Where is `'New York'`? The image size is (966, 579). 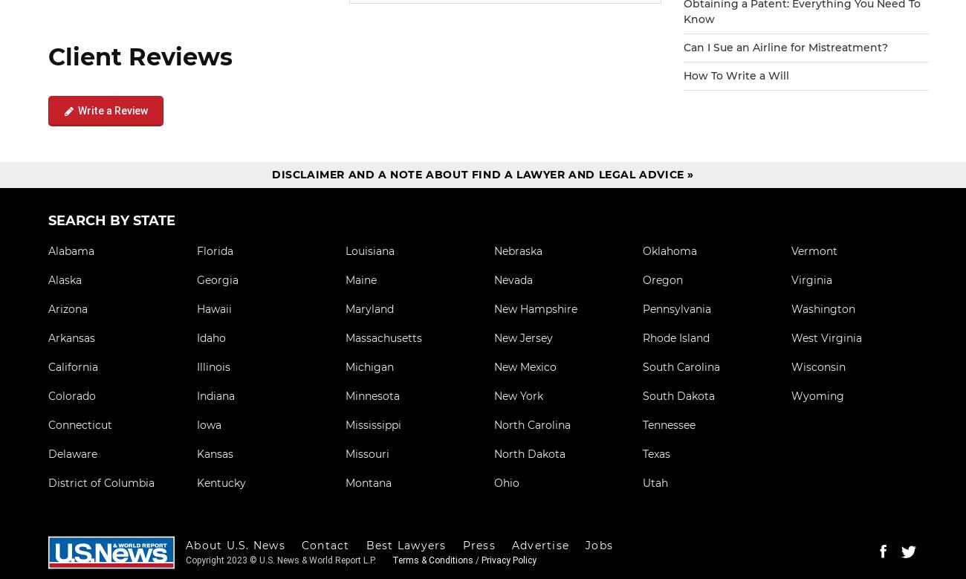
'New York' is located at coordinates (517, 395).